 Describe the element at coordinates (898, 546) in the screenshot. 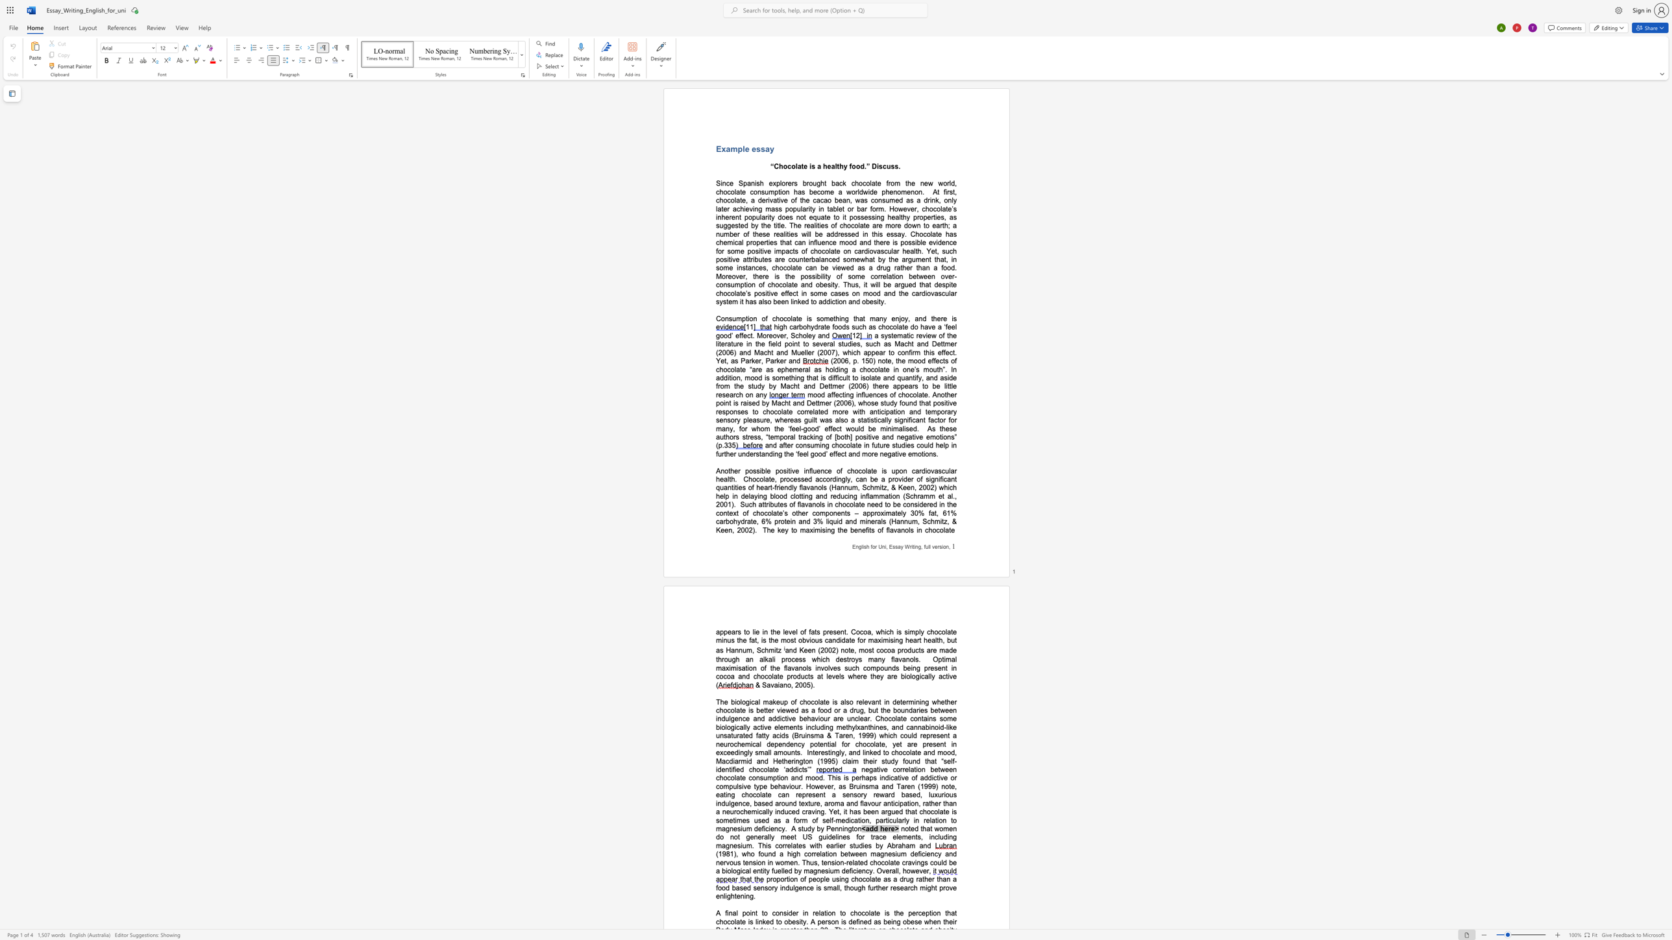

I see `the space between the continuous character "s" and "a" in the text` at that location.